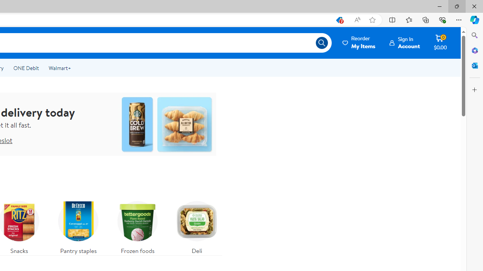 The height and width of the screenshot is (271, 483). What do you see at coordinates (59, 68) in the screenshot?
I see `'Walmart+'` at bounding box center [59, 68].